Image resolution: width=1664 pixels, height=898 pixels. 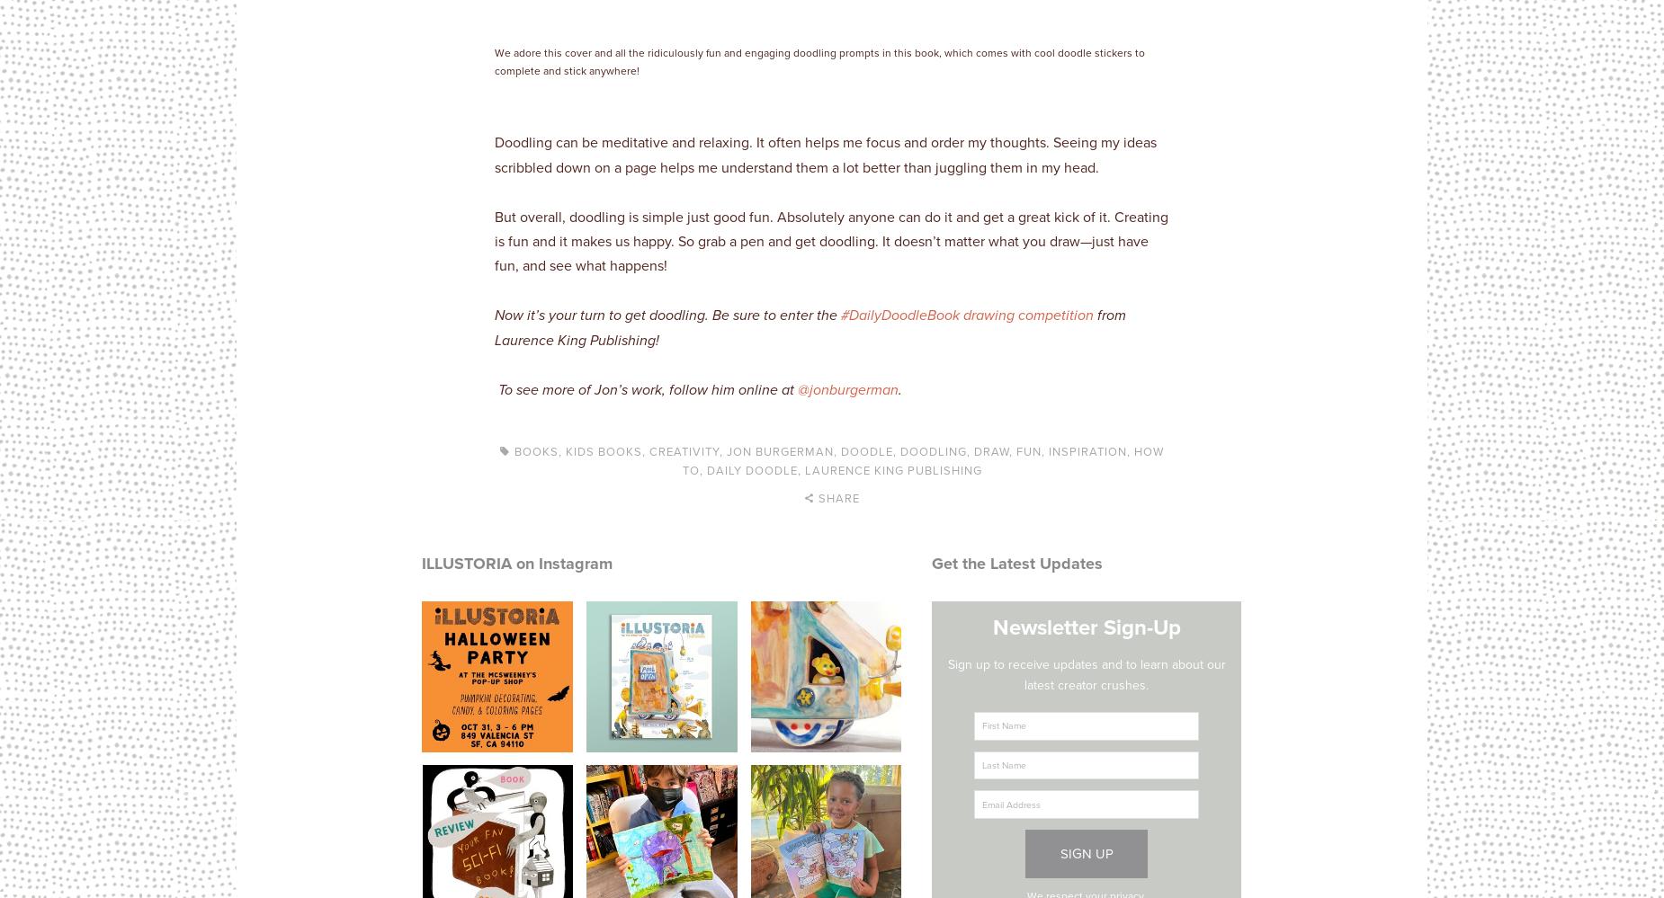 What do you see at coordinates (1028, 449) in the screenshot?
I see `'FUN'` at bounding box center [1028, 449].